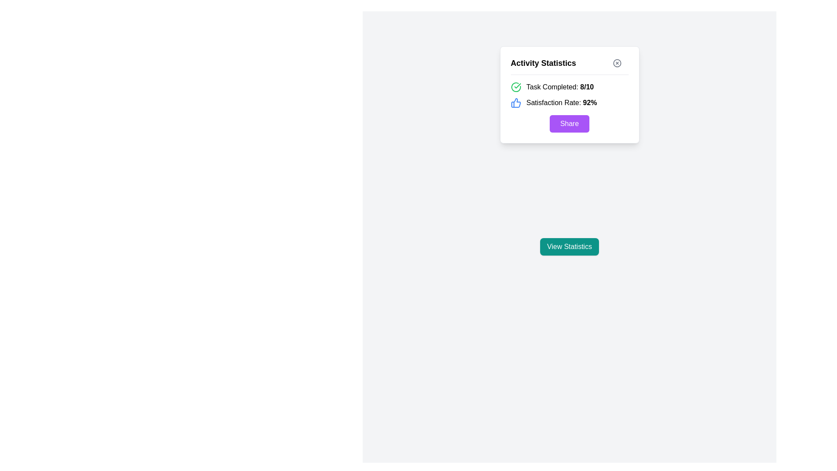 The image size is (837, 471). What do you see at coordinates (560, 87) in the screenshot?
I see `statistic indicator label that shows the number of tasks completed out of ten, located in the 'Activity Statistics' box, positioned at the first row of text content` at bounding box center [560, 87].